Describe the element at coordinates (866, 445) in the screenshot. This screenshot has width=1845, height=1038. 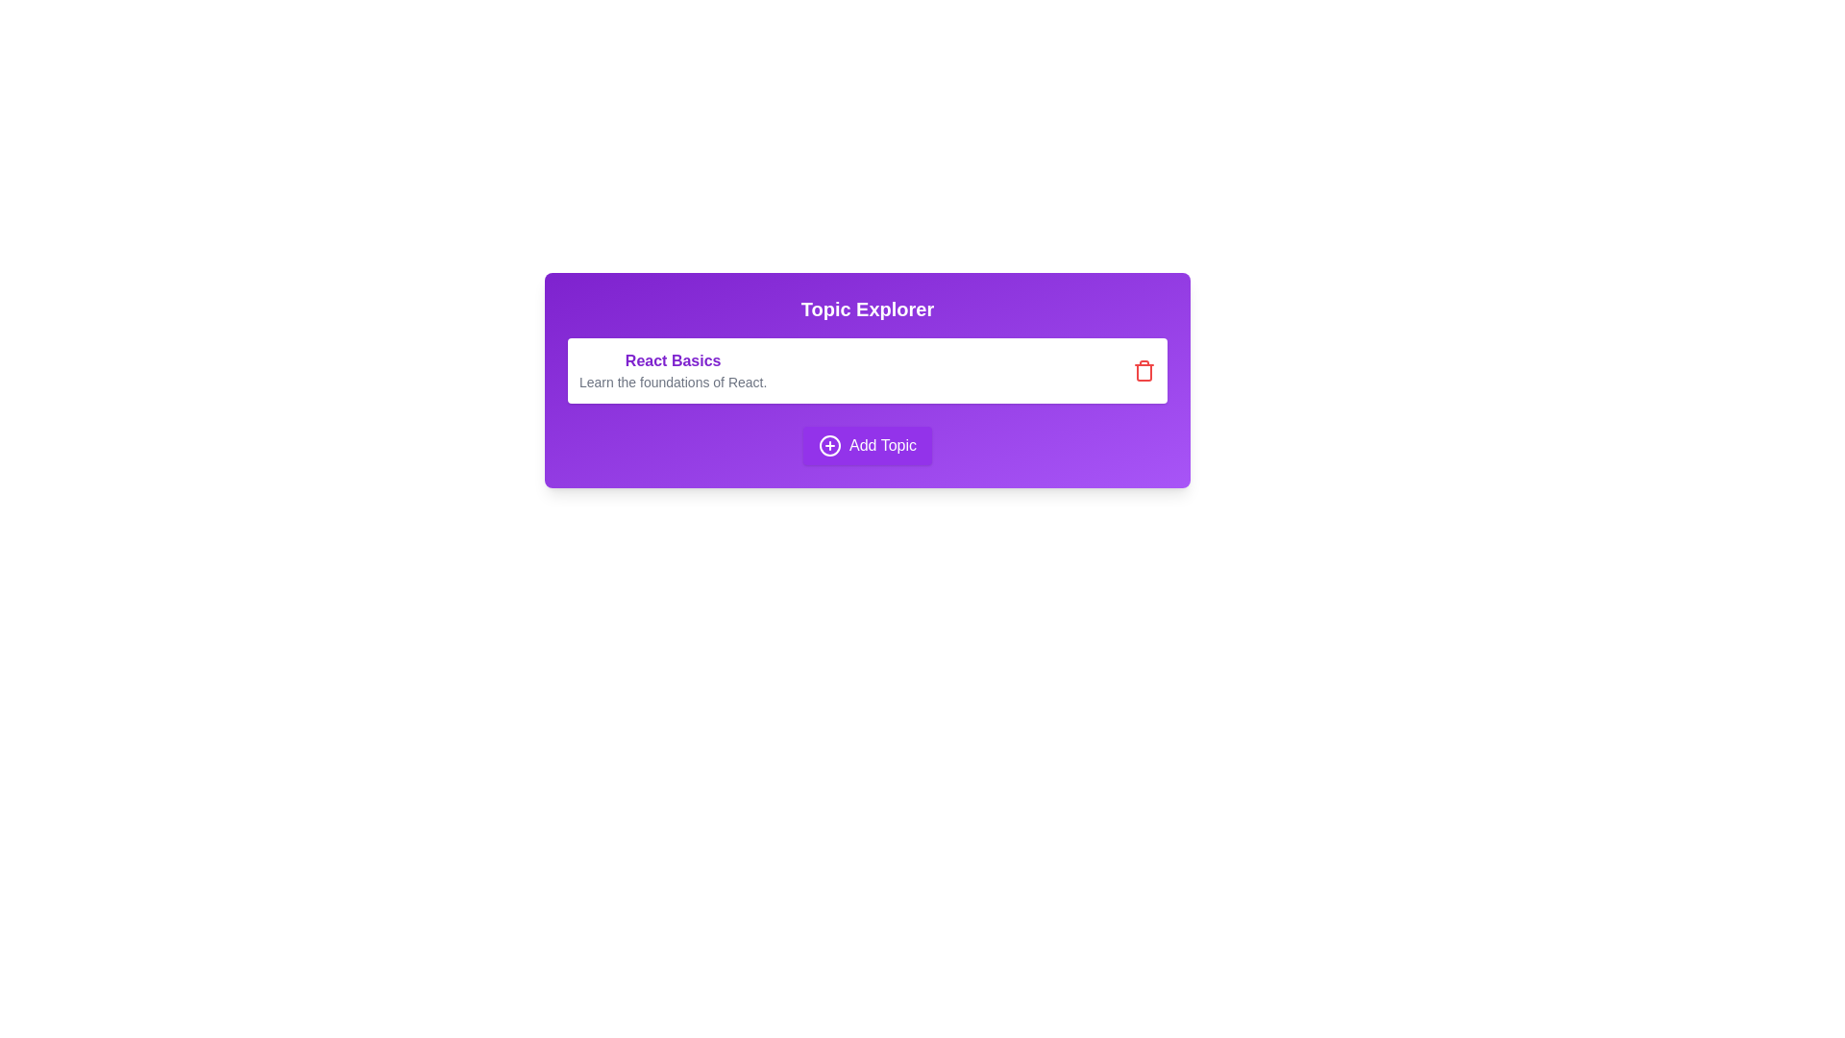
I see `'Add Topic' button to add a new topic` at that location.